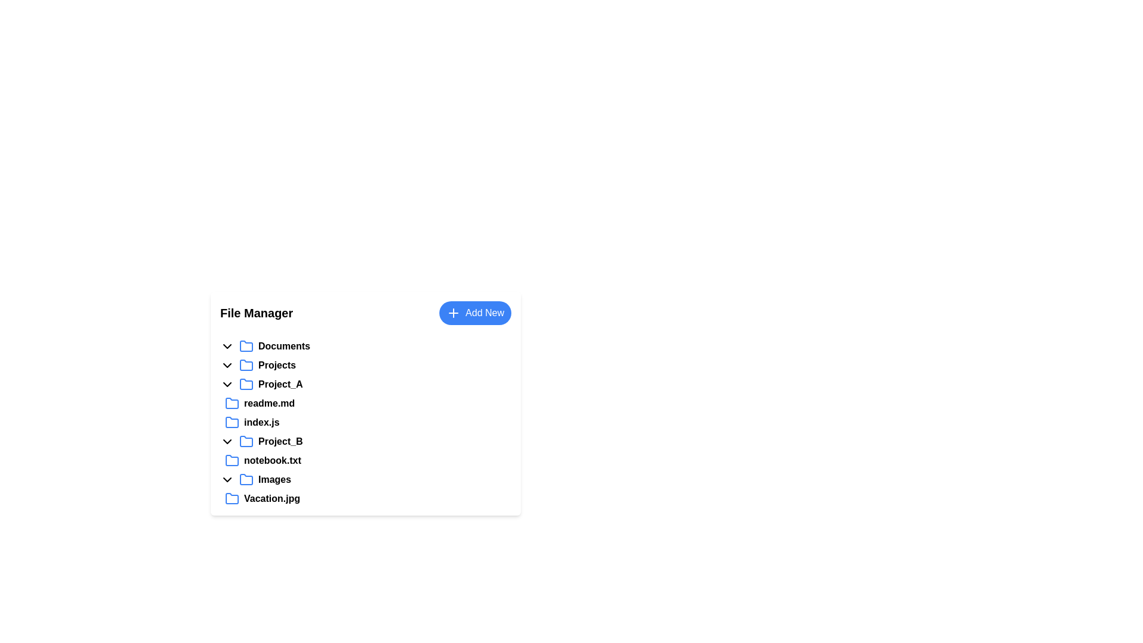 Image resolution: width=1143 pixels, height=643 pixels. What do you see at coordinates (365, 403) in the screenshot?
I see `the file entry labeled 'readme.md'` at bounding box center [365, 403].